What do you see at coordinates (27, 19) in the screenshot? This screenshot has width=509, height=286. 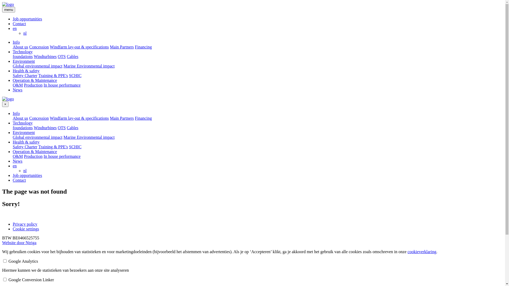 I see `'Job opportunities'` at bounding box center [27, 19].